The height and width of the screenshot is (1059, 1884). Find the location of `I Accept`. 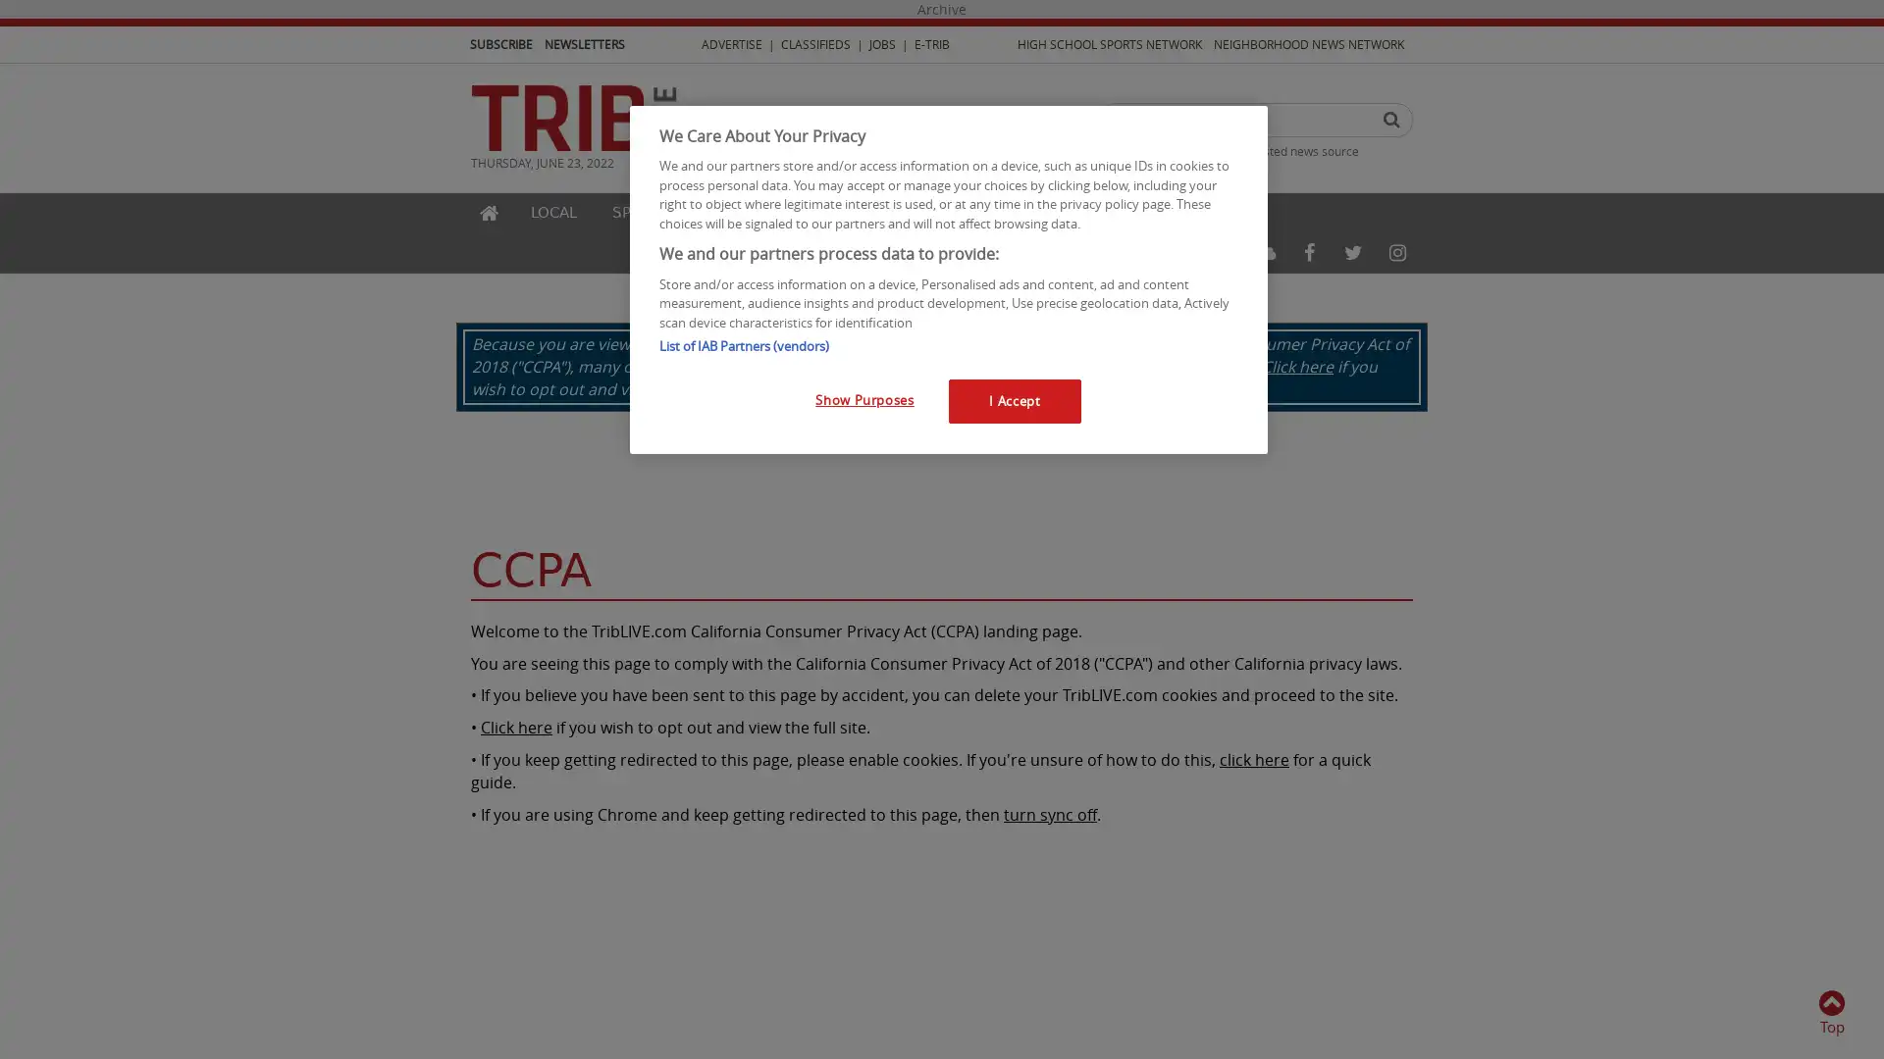

I Accept is located at coordinates (1015, 399).